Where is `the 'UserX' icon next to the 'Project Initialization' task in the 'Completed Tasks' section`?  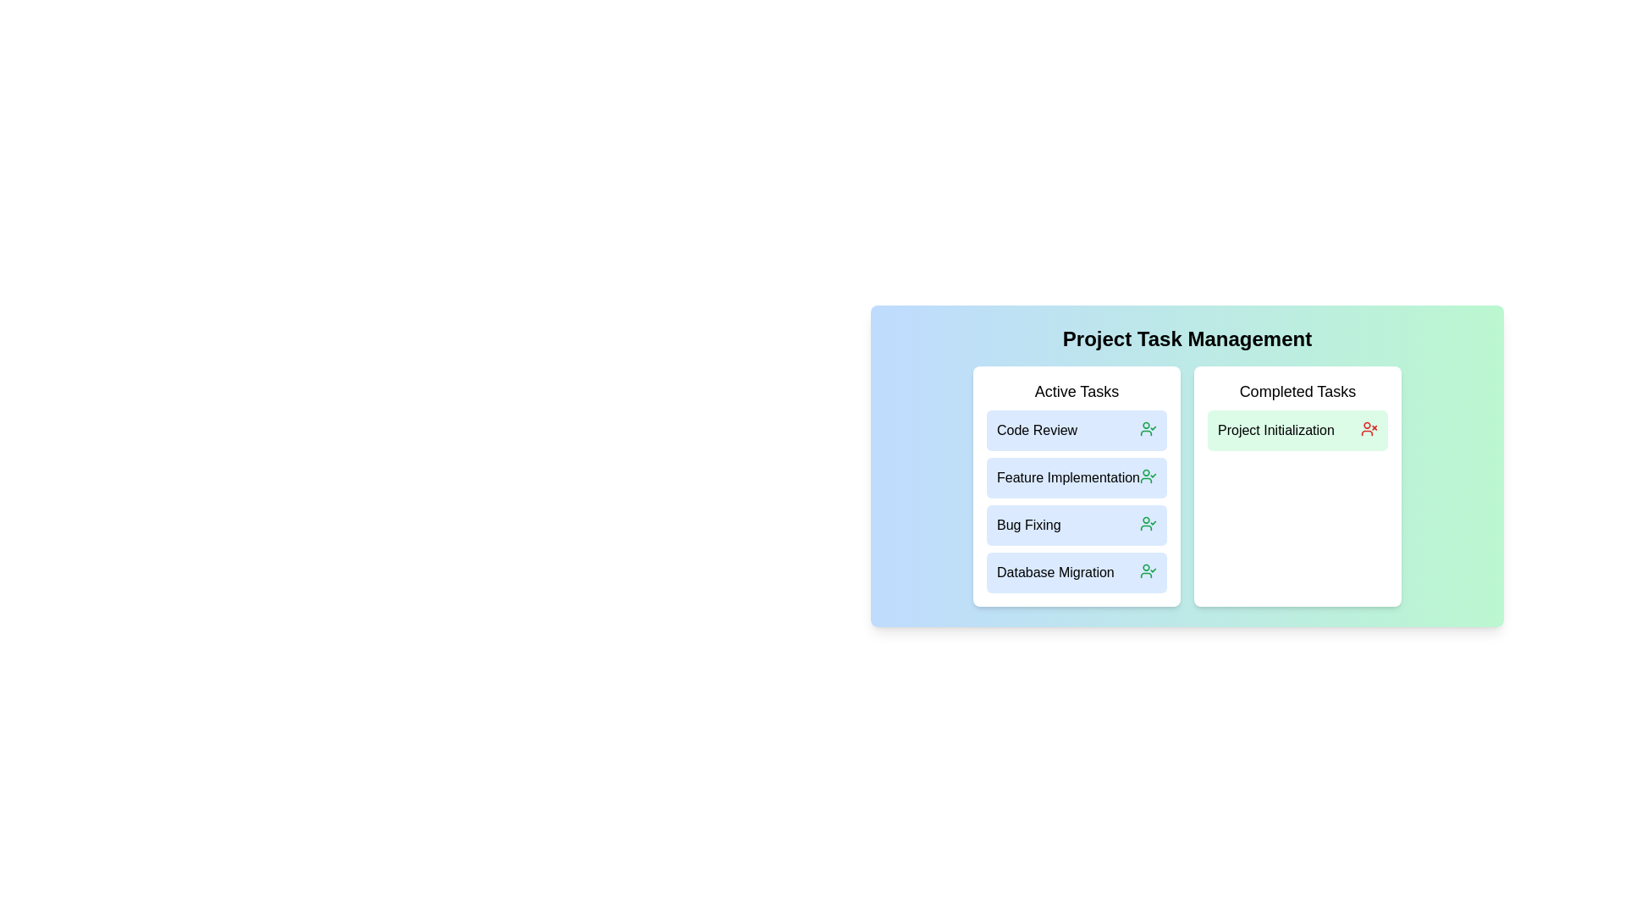 the 'UserX' icon next to the 'Project Initialization' task in the 'Completed Tasks' section is located at coordinates (1369, 427).